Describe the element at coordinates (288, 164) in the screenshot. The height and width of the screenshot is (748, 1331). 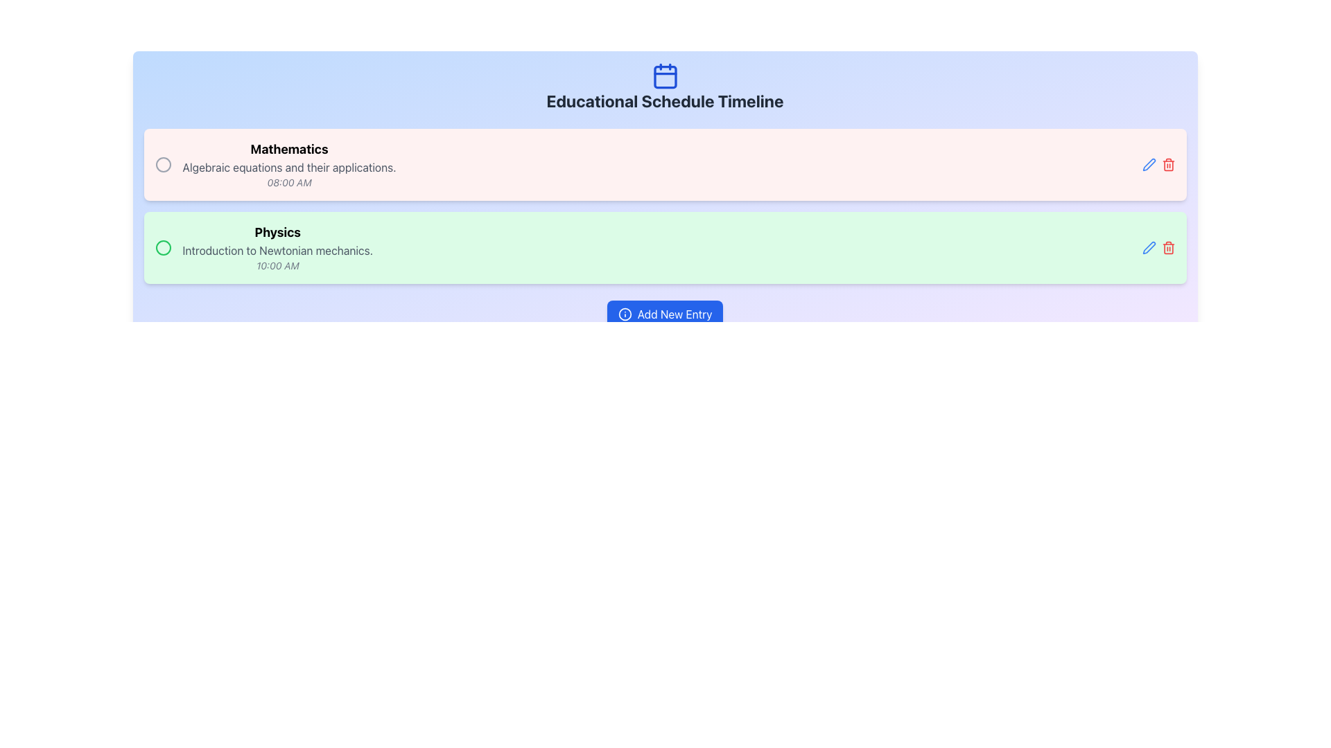
I see `the first text block representing a scheduled educational activity in the timeline, located inside a pinkish background area above the green 'Physics' entry` at that location.